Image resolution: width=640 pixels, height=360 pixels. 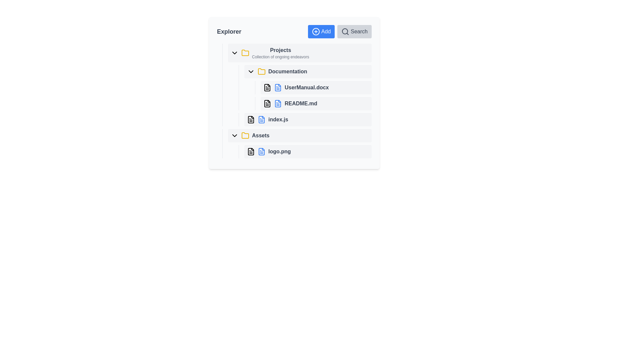 What do you see at coordinates (313, 87) in the screenshot?
I see `the file item labeled 'UserManual.docx' which features a blue-colored file icon and is the top entry under the 'Documentation' section` at bounding box center [313, 87].